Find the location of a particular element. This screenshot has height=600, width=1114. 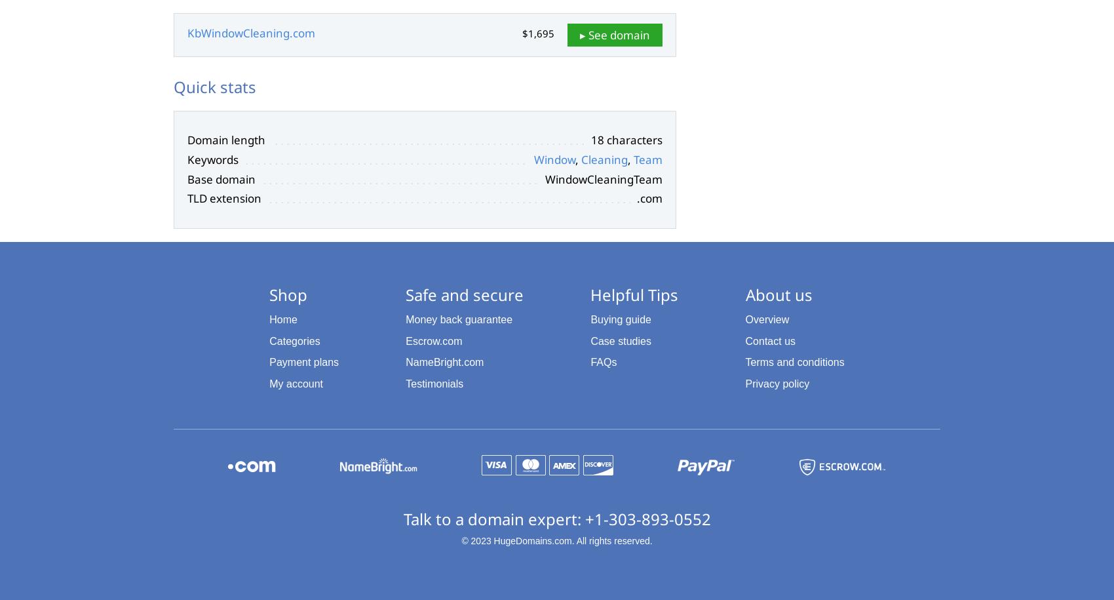

'NameBright.com' is located at coordinates (404, 362).